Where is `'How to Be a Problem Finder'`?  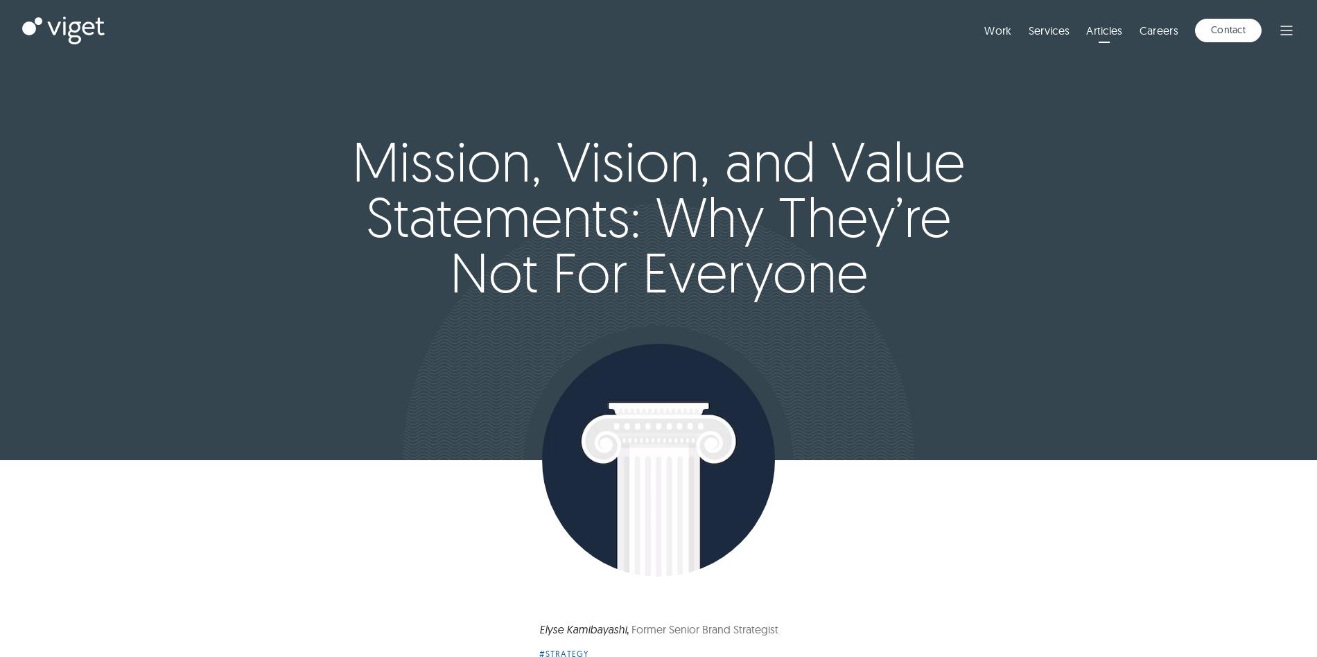
'How to Be a Problem Finder' is located at coordinates (415, 613).